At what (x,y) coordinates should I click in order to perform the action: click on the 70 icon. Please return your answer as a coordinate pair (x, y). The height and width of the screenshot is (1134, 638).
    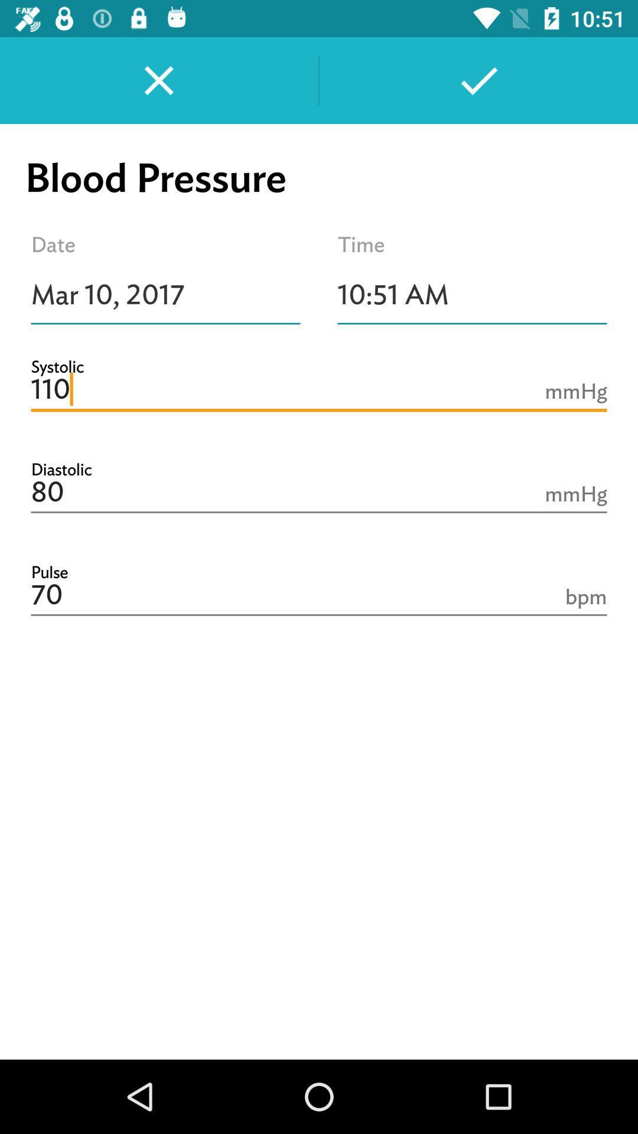
    Looking at the image, I should click on (319, 595).